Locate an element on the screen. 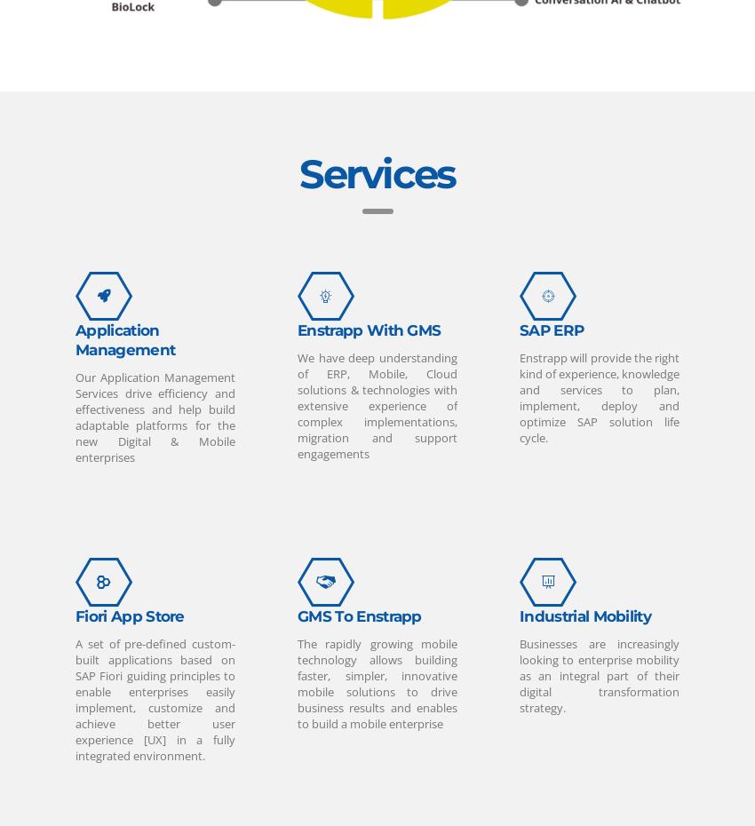  'The rapidly growing mobile technology allows building faster, simpler, innovative mobile solutions to drive business results and enables to build a mobile enterprise' is located at coordinates (377, 683).